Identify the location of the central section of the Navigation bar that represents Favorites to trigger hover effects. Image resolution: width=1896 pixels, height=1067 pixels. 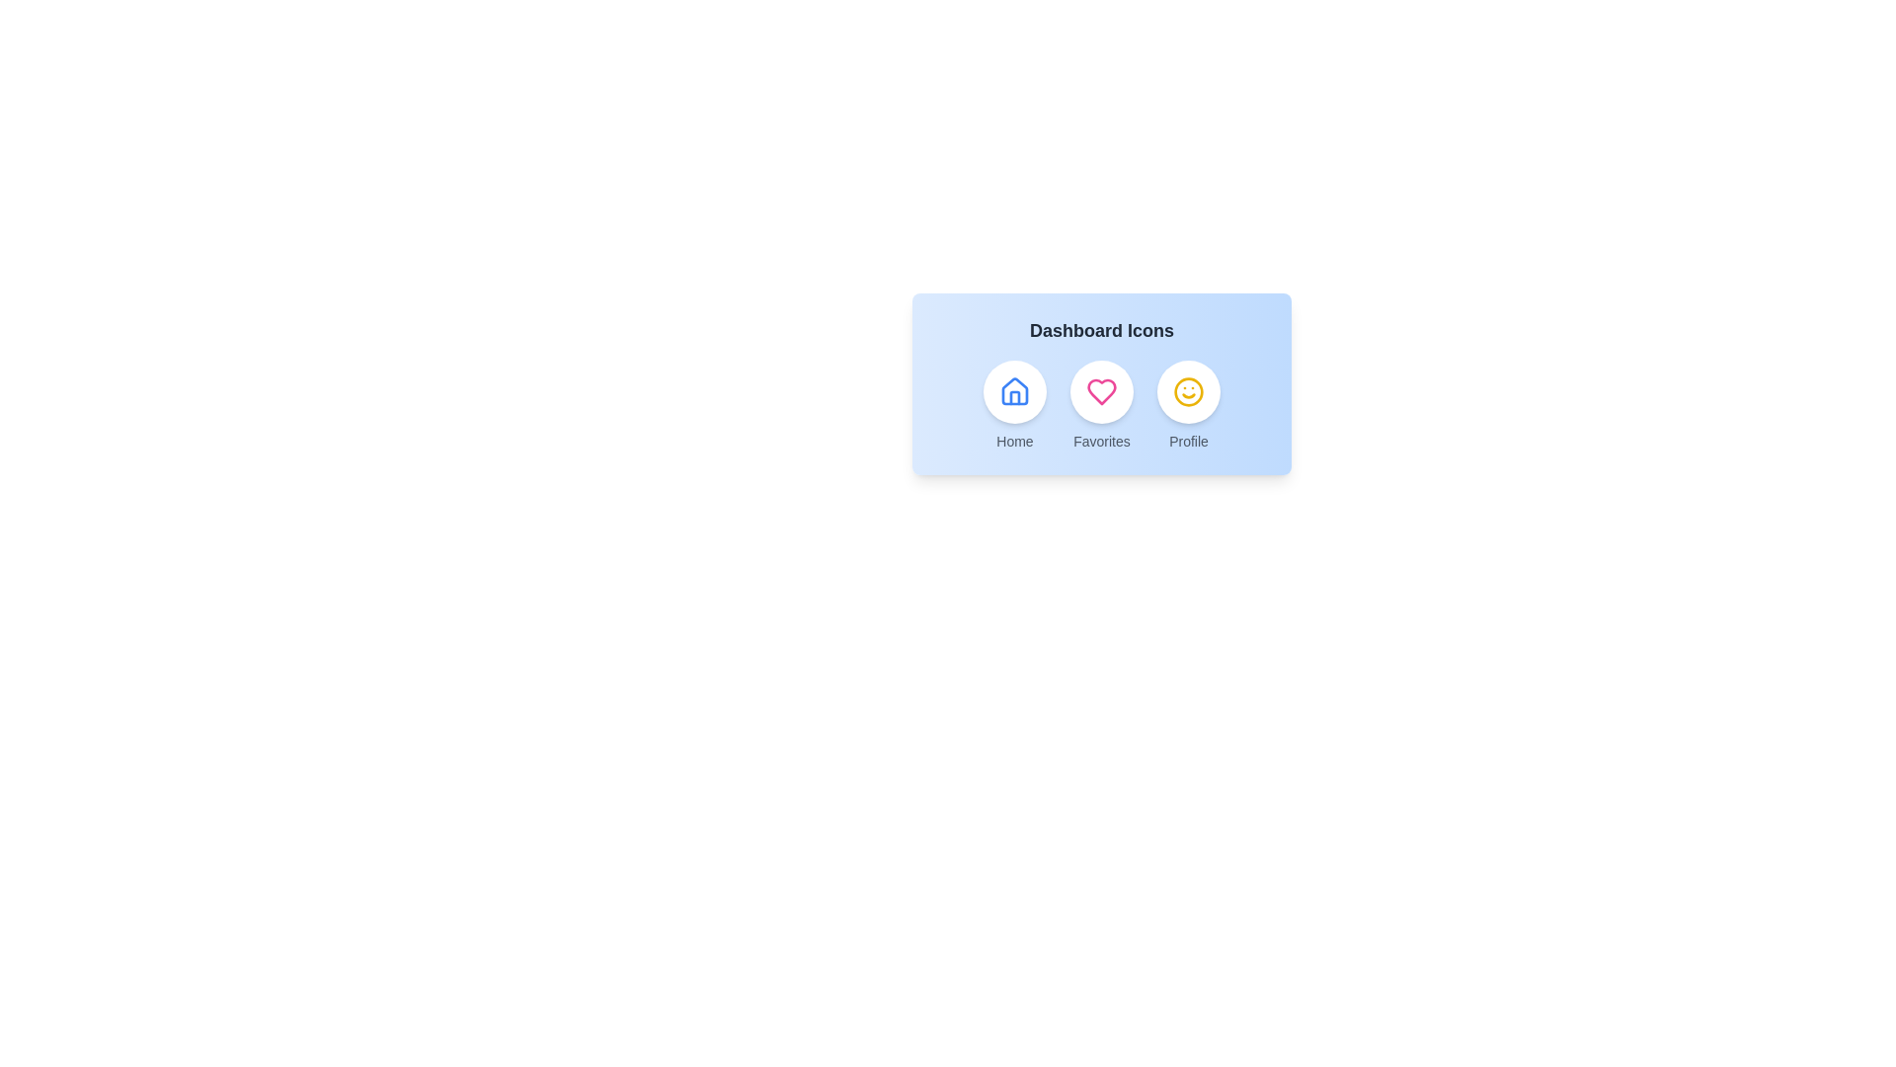
(1101, 405).